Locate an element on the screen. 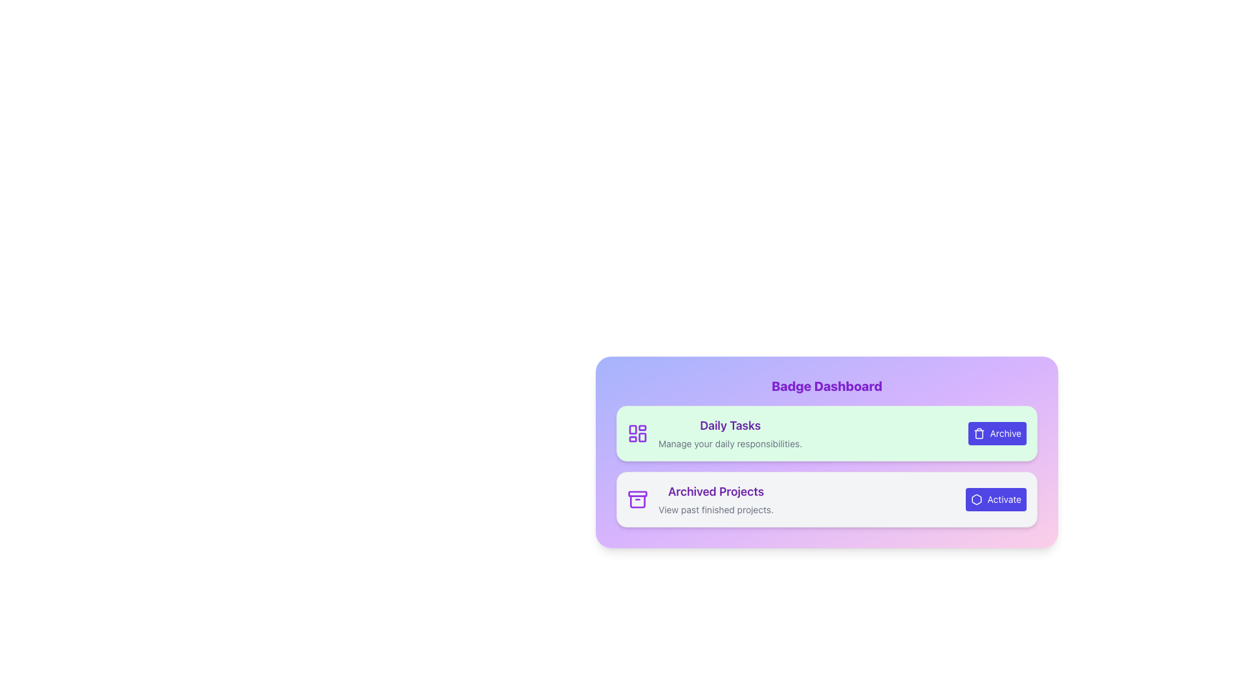 This screenshot has width=1242, height=699. header text indicating the context of archived projects located in the second card section of the dashboard, below the 'Daily Tasks' section is located at coordinates (715, 491).